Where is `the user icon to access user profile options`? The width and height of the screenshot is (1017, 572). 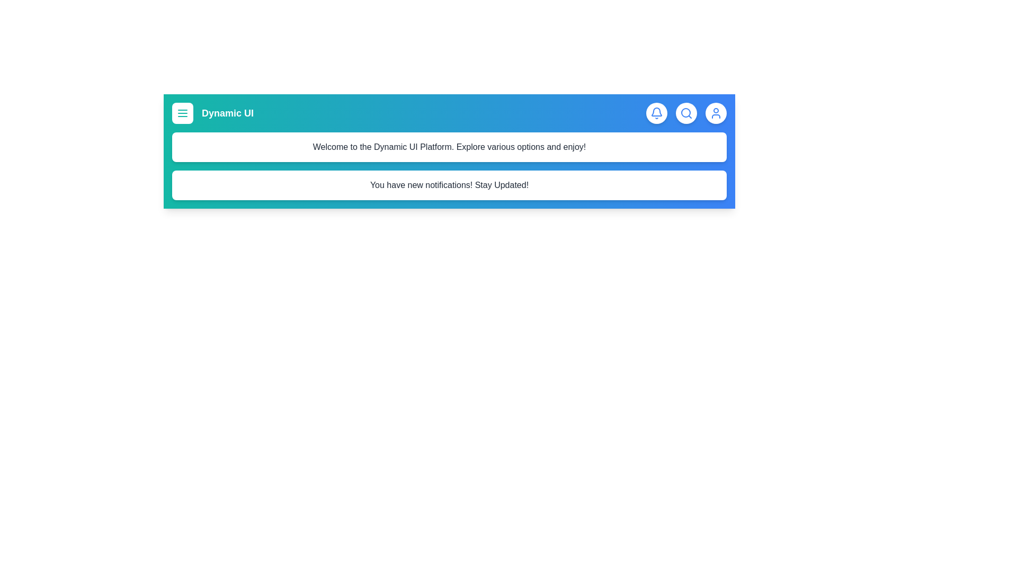 the user icon to access user profile options is located at coordinates (716, 113).